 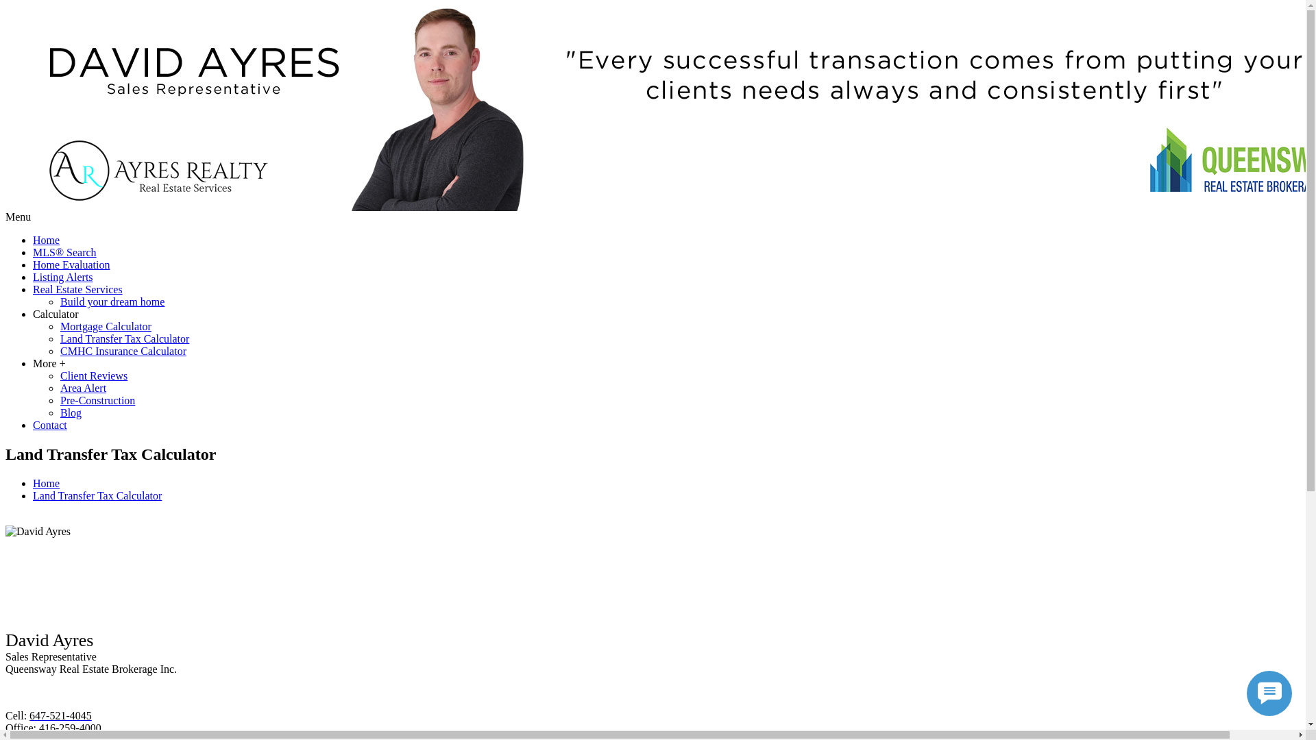 I want to click on 'Home Evaluation', so click(x=33, y=264).